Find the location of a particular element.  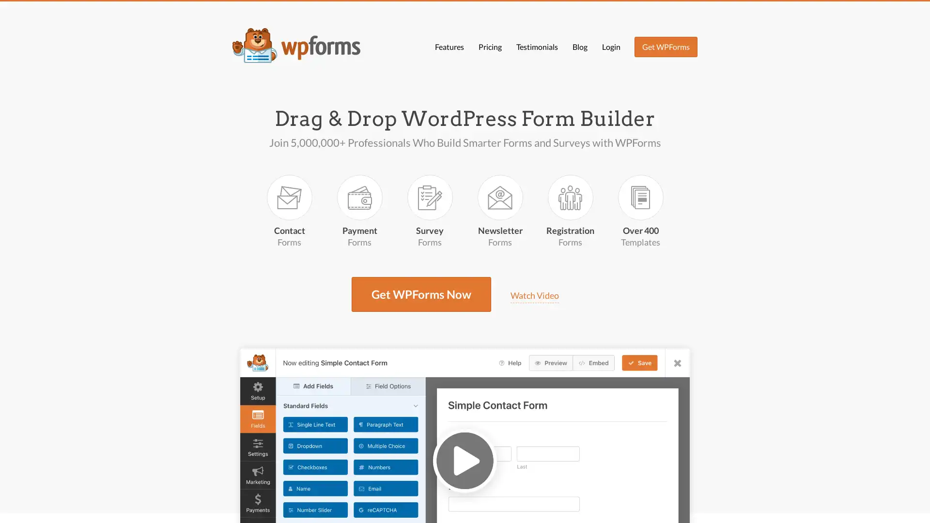

See User Reviews is located at coordinates (637, 505).